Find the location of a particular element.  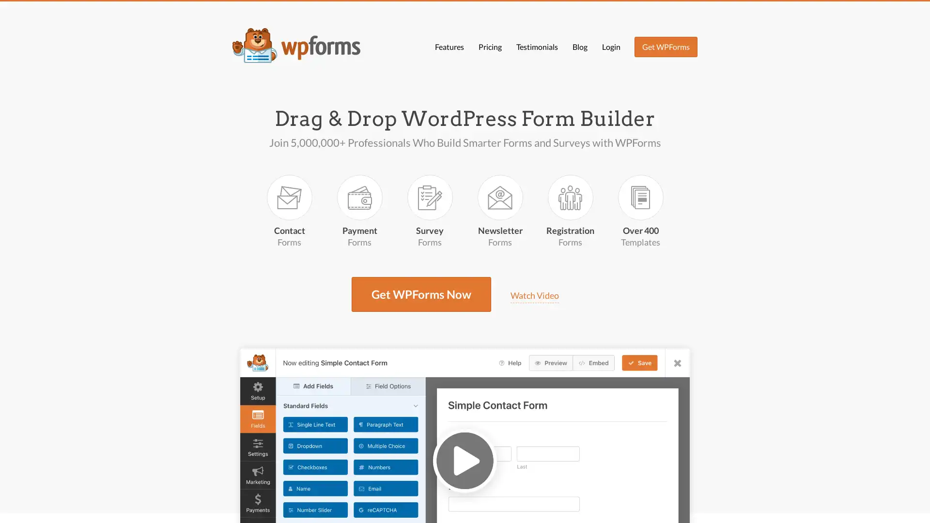

See User Reviews is located at coordinates (637, 505).